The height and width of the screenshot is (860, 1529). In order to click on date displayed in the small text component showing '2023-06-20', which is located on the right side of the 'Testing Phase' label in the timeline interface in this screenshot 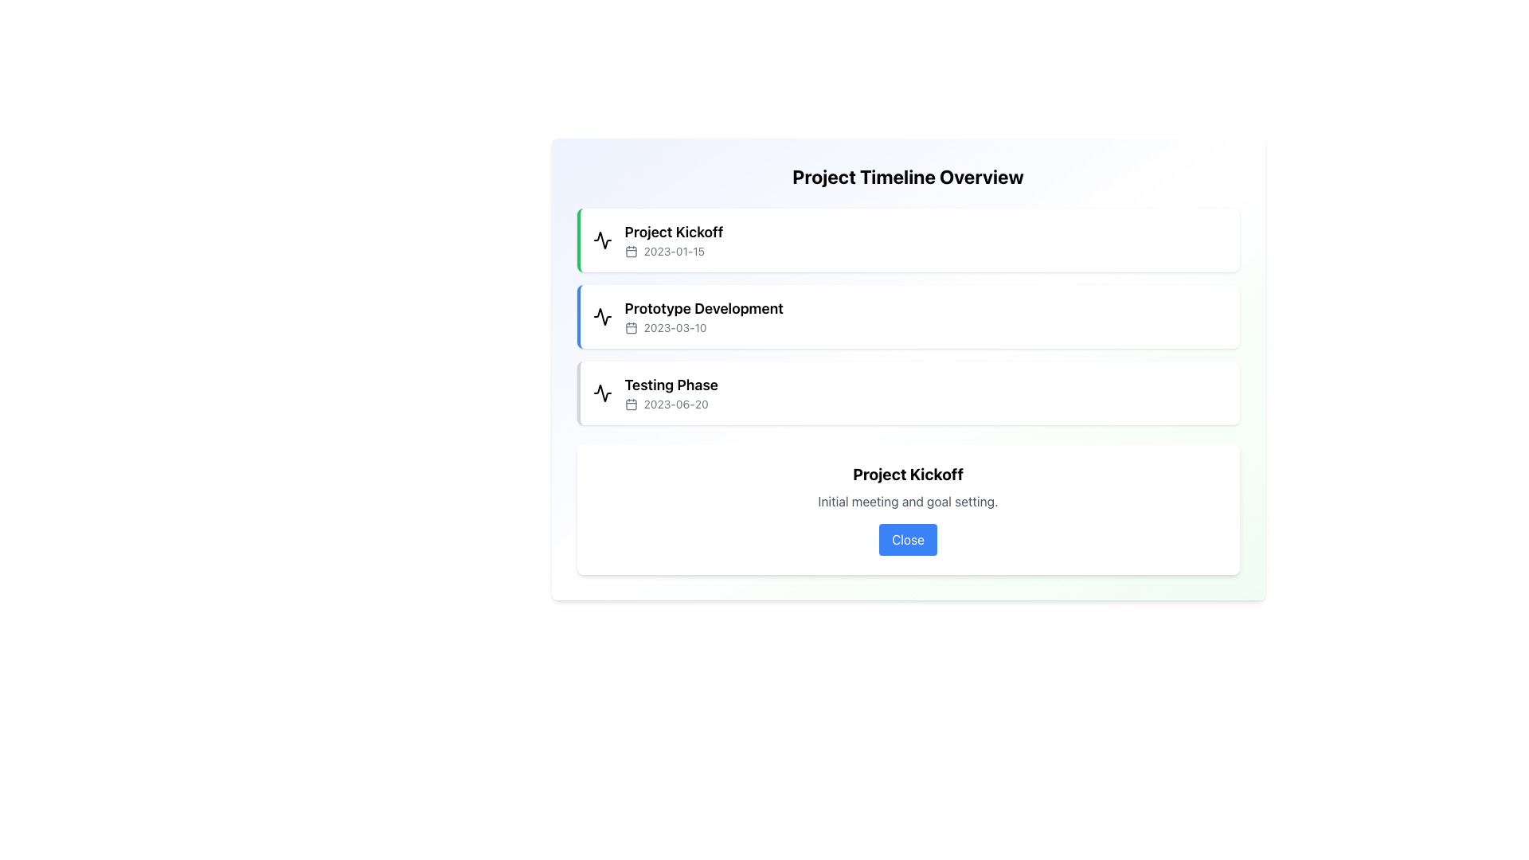, I will do `click(671, 404)`.